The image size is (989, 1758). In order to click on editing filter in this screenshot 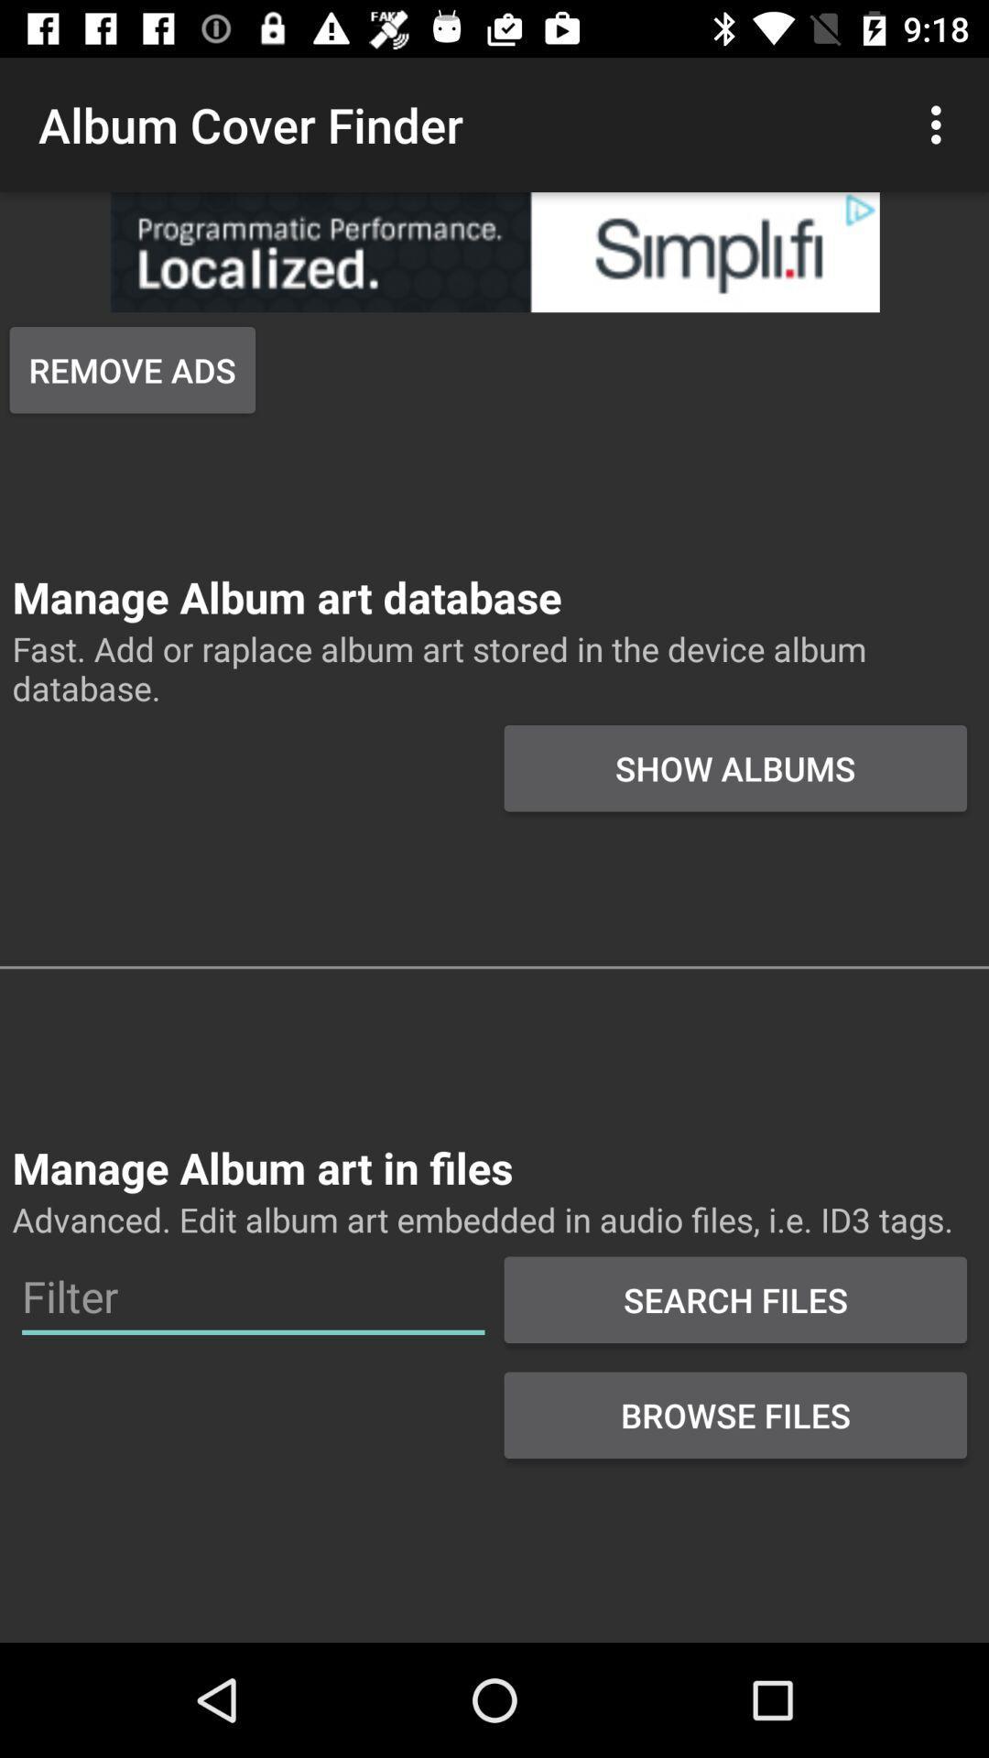, I will do `click(253, 1296)`.